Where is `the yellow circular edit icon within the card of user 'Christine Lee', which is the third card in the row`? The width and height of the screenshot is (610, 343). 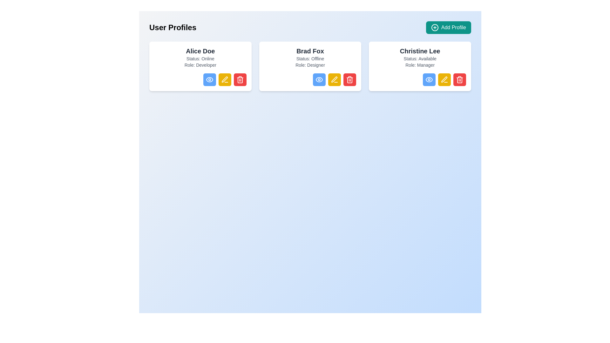
the yellow circular edit icon within the card of user 'Christine Lee', which is the third card in the row is located at coordinates (444, 79).